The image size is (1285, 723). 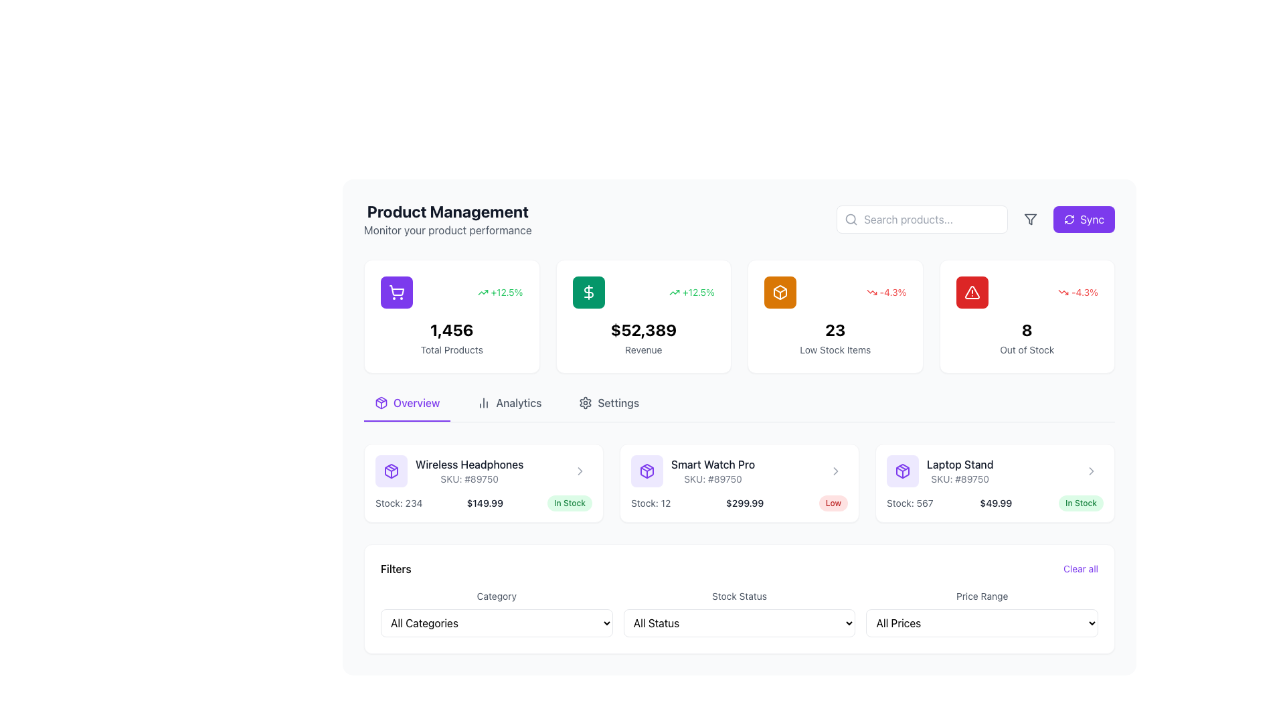 I want to click on text label displaying 'Laptop Stand' and 'SKU: #89750' located in the bottom row of the product list, specifically in the rightmost column of the row, so click(x=959, y=471).